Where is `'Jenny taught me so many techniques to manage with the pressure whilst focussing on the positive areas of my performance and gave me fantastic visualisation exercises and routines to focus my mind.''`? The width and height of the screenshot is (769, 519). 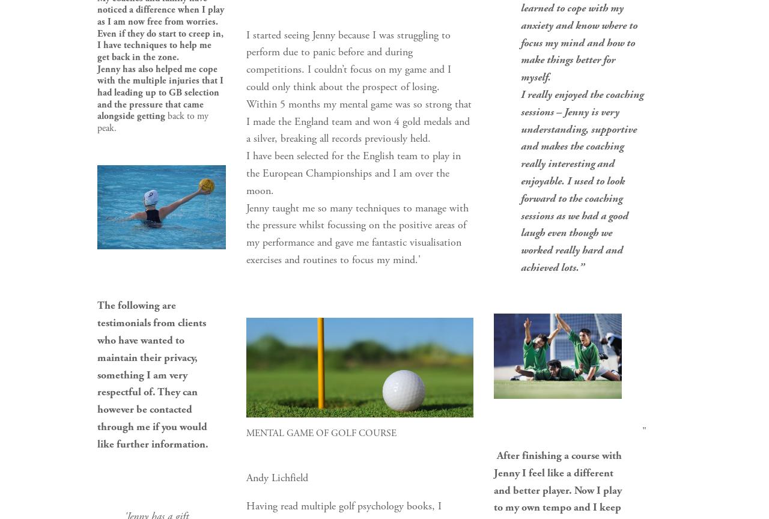 'Jenny taught me so many techniques to manage with the pressure whilst focussing on the positive areas of my performance and gave me fantastic visualisation exercises and routines to focus my mind.'' is located at coordinates (357, 232).